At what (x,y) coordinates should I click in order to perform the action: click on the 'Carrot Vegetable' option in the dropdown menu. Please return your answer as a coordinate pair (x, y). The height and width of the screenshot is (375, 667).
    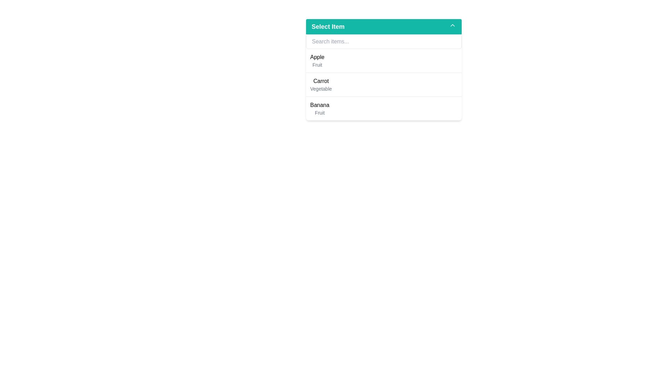
    Looking at the image, I should click on (383, 84).